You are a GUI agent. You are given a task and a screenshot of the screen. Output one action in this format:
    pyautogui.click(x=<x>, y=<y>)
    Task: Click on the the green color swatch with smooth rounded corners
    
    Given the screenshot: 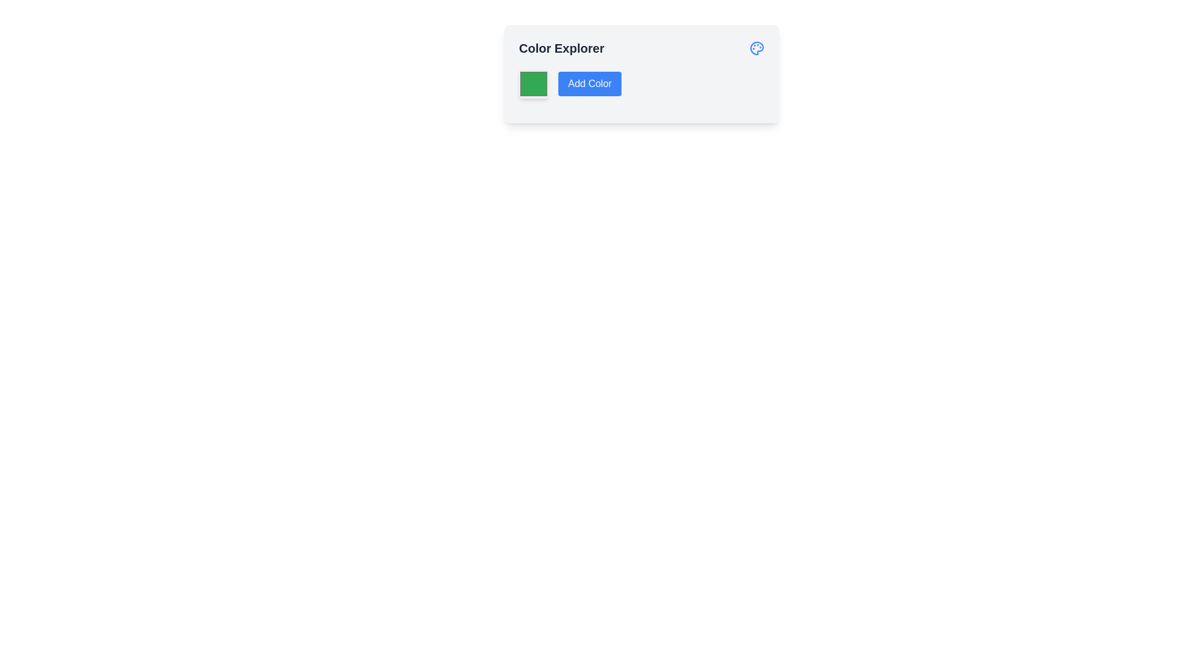 What is the action you would take?
    pyautogui.click(x=533, y=83)
    